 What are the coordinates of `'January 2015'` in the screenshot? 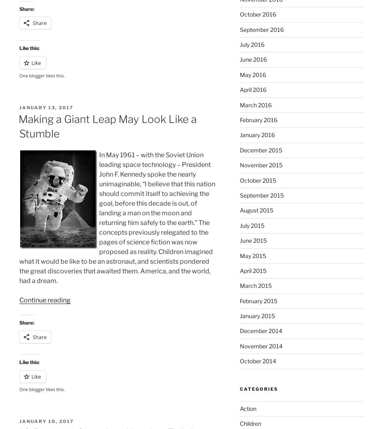 It's located at (257, 316).